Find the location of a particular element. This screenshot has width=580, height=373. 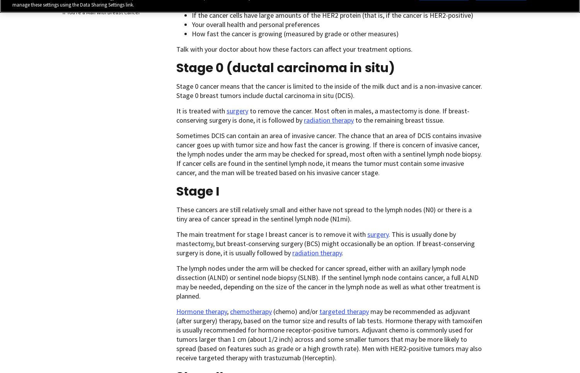

'Your overall health and personal preferences' is located at coordinates (256, 24).